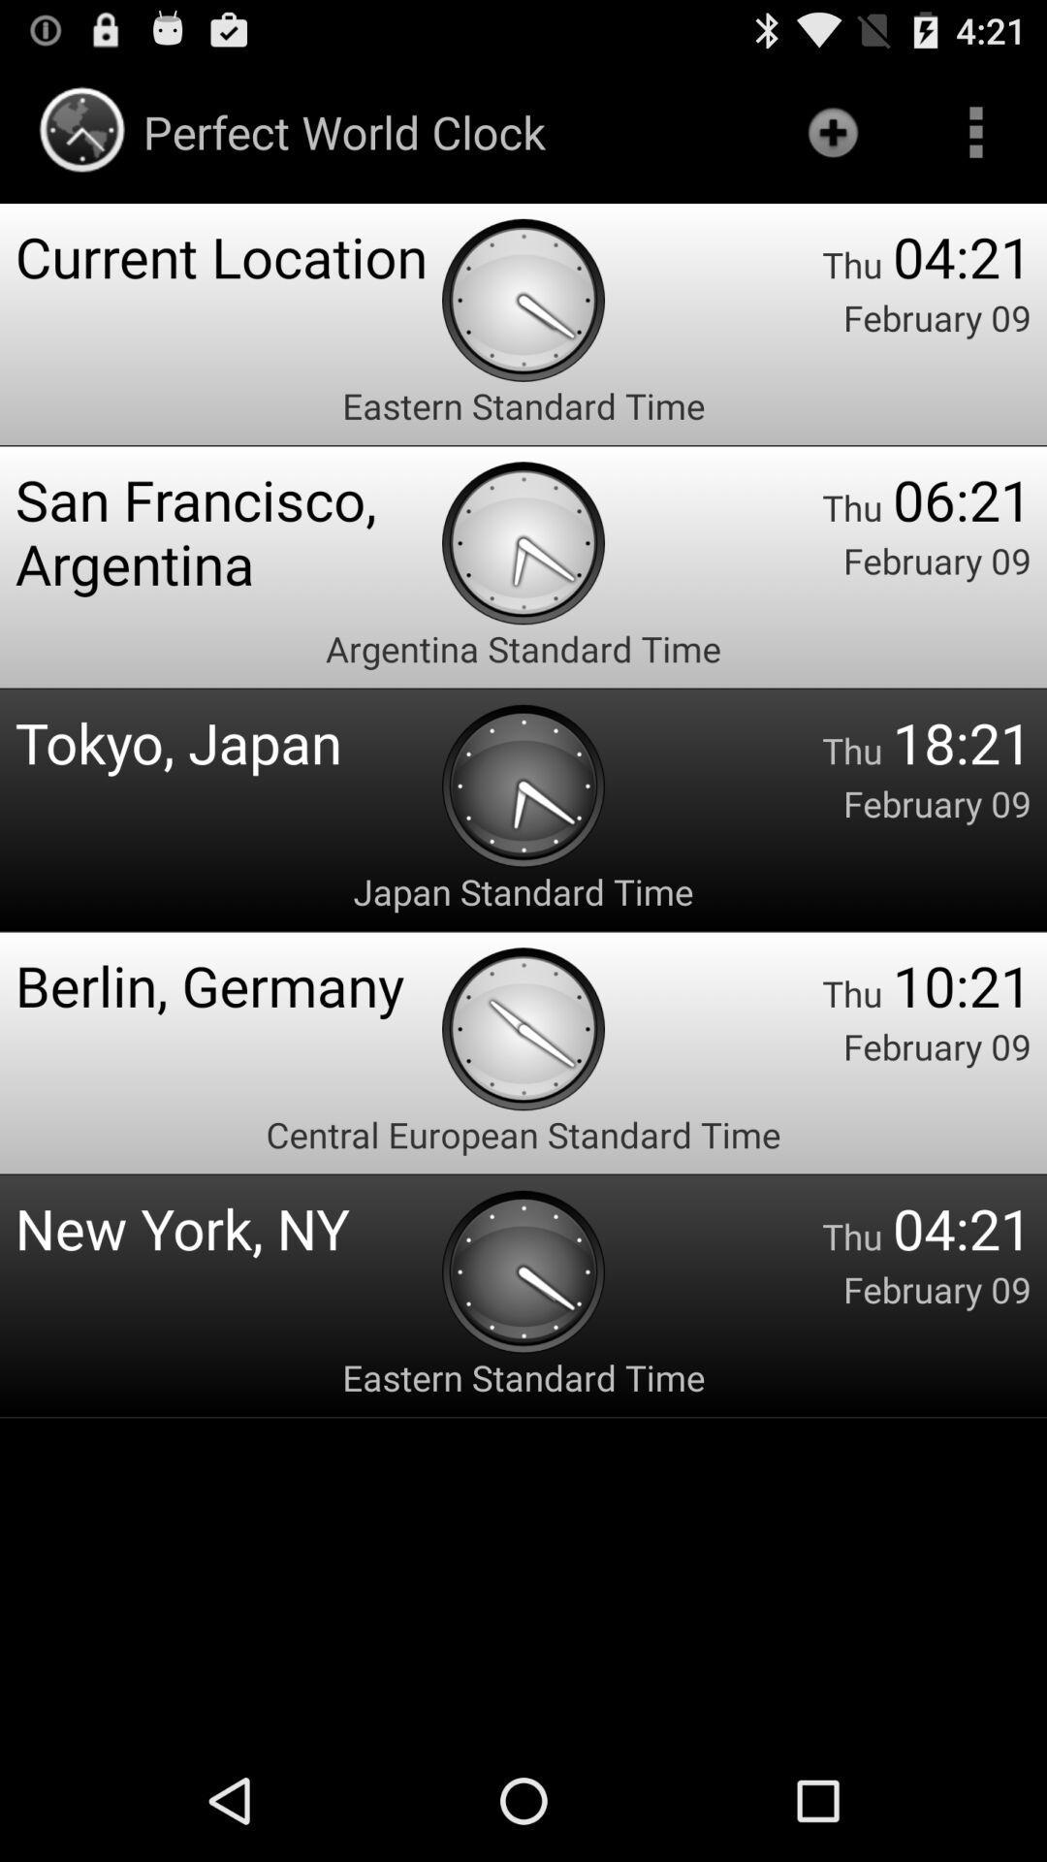 The image size is (1047, 1862). Describe the element at coordinates (227, 1227) in the screenshot. I see `app below the central european standard item` at that location.